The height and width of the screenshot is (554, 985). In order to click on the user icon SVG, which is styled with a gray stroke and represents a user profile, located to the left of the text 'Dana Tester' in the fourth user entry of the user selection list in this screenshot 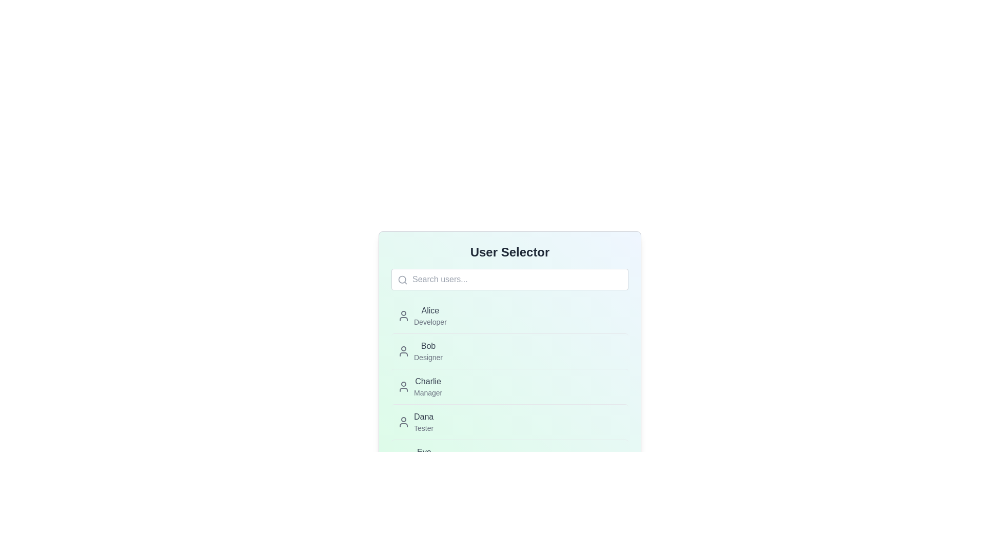, I will do `click(403, 422)`.